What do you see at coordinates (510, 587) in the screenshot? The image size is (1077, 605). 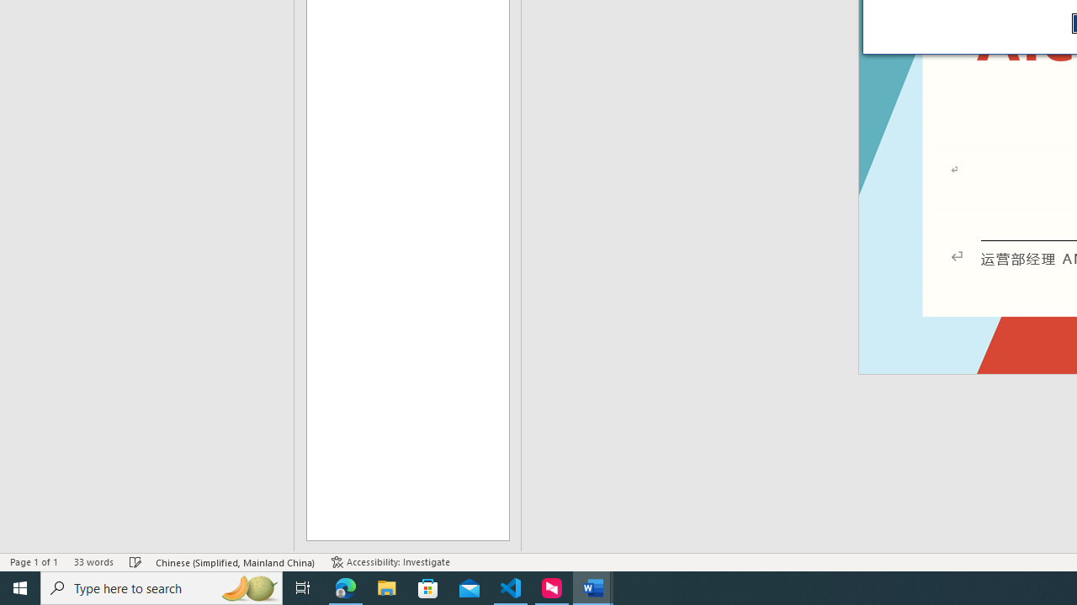 I see `'Visual Studio Code - 1 running window'` at bounding box center [510, 587].